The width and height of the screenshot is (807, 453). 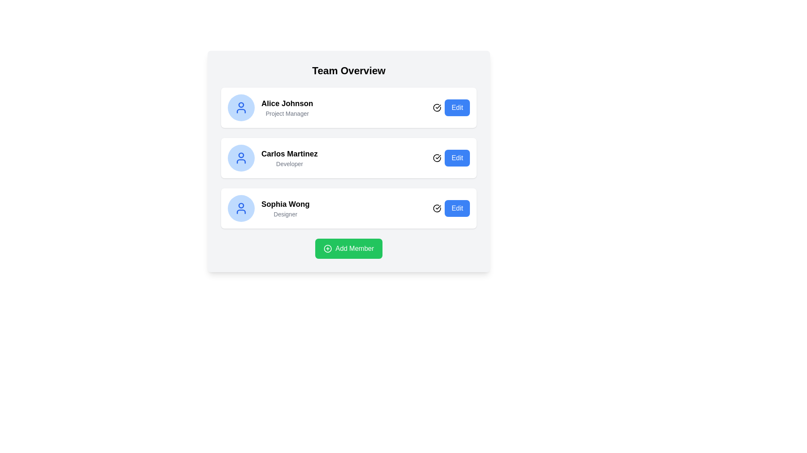 What do you see at coordinates (437, 107) in the screenshot?
I see `the circular icon with a checkmark inside, which is styled in green for active members, located to the left of the 'Edit' button` at bounding box center [437, 107].